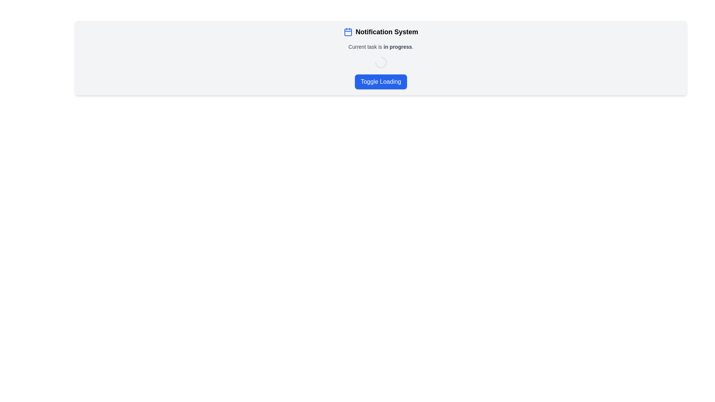  What do you see at coordinates (381, 31) in the screenshot?
I see `the static text and icon combination displaying 'Notification System' which includes a blue calendar icon and black bold text, located at the top-center of the card-like component` at bounding box center [381, 31].